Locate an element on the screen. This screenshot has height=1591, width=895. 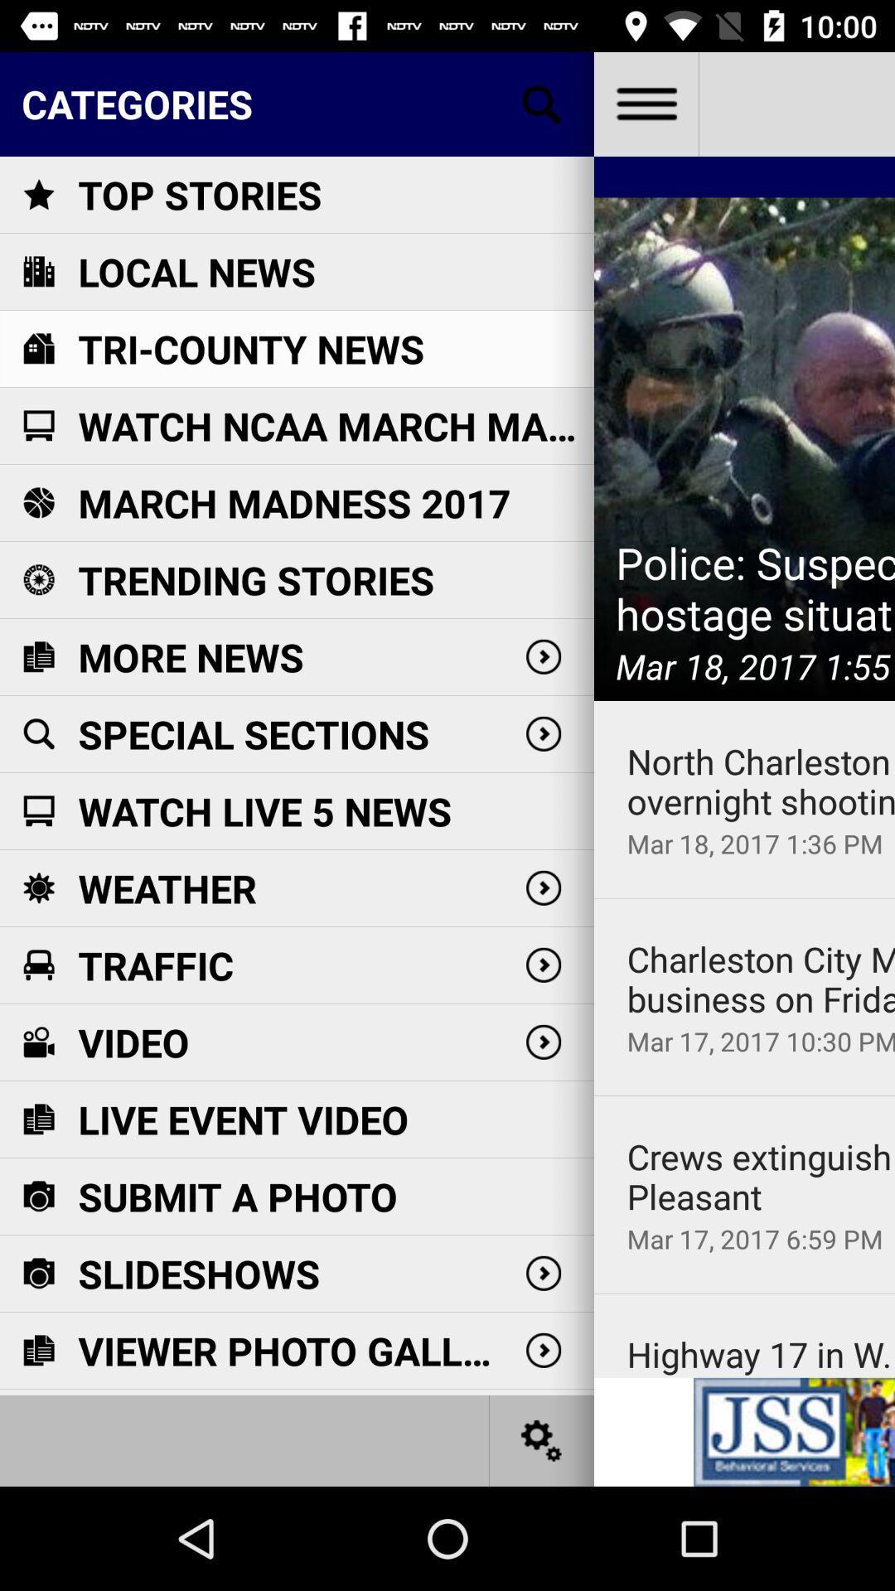
search initiation click is located at coordinates (542, 103).